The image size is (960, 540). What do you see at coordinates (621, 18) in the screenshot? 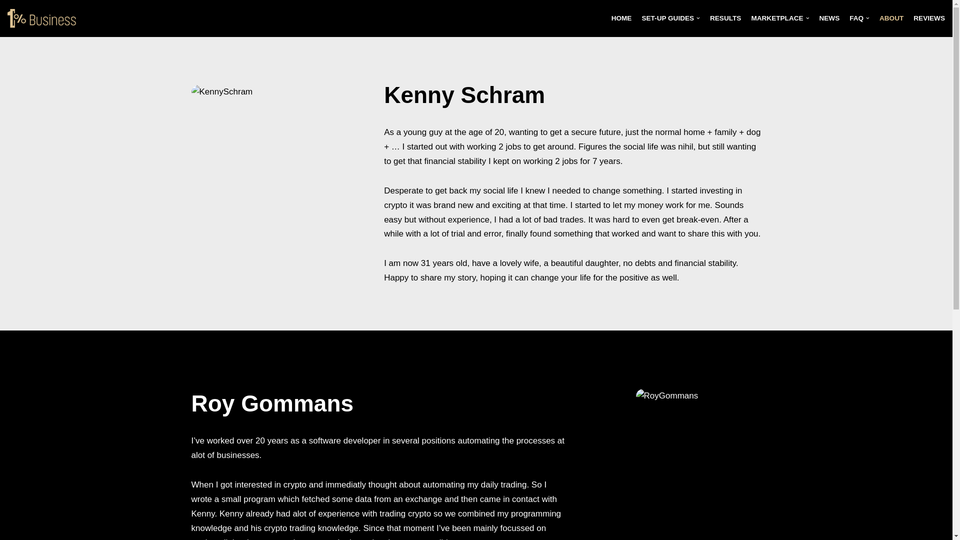
I see `'HOME'` at bounding box center [621, 18].